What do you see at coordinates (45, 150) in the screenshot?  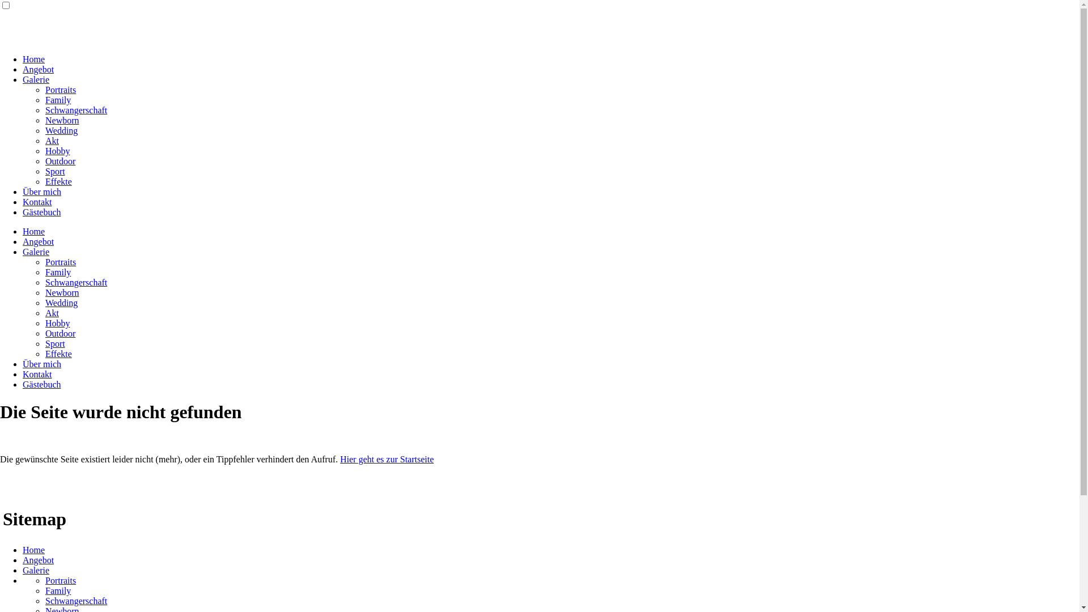 I see `'Hobby'` at bounding box center [45, 150].